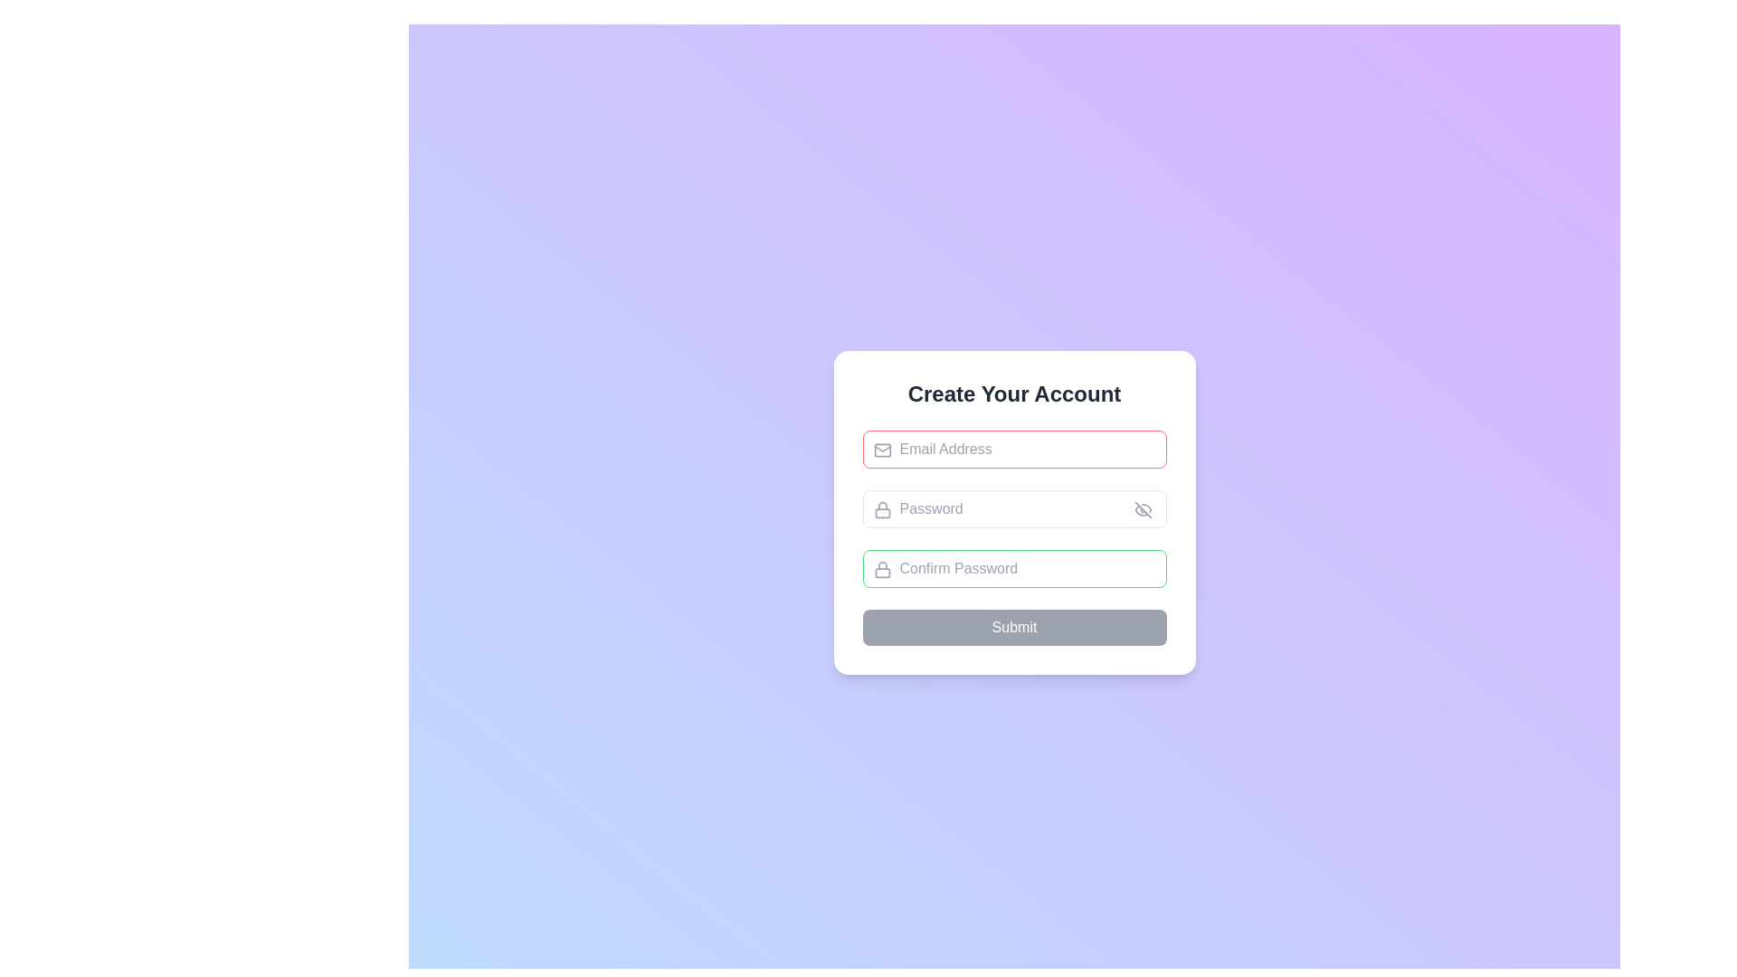 This screenshot has height=977, width=1737. Describe the element at coordinates (882, 449) in the screenshot. I see `the envelope icon representing email, located inside the email address input field on the left side` at that location.